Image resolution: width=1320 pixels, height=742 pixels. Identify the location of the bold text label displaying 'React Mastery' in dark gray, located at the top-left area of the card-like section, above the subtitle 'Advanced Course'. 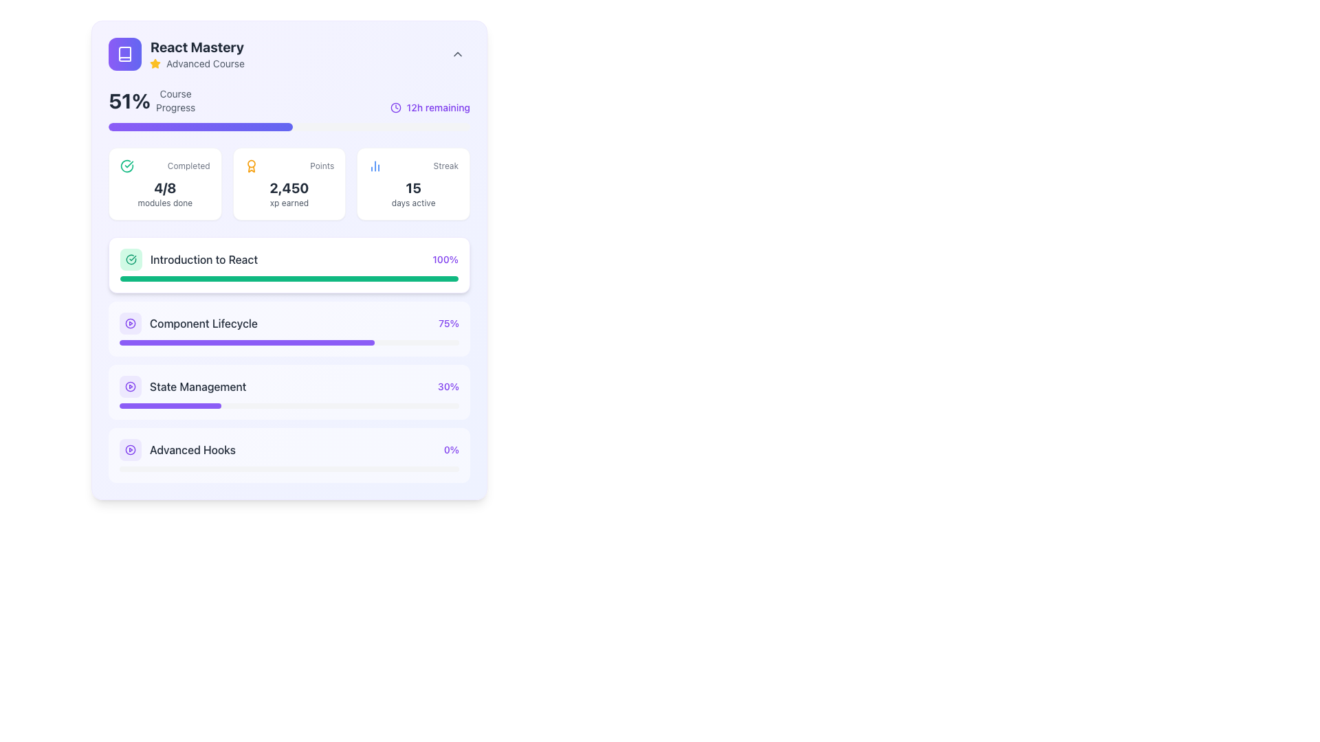
(197, 47).